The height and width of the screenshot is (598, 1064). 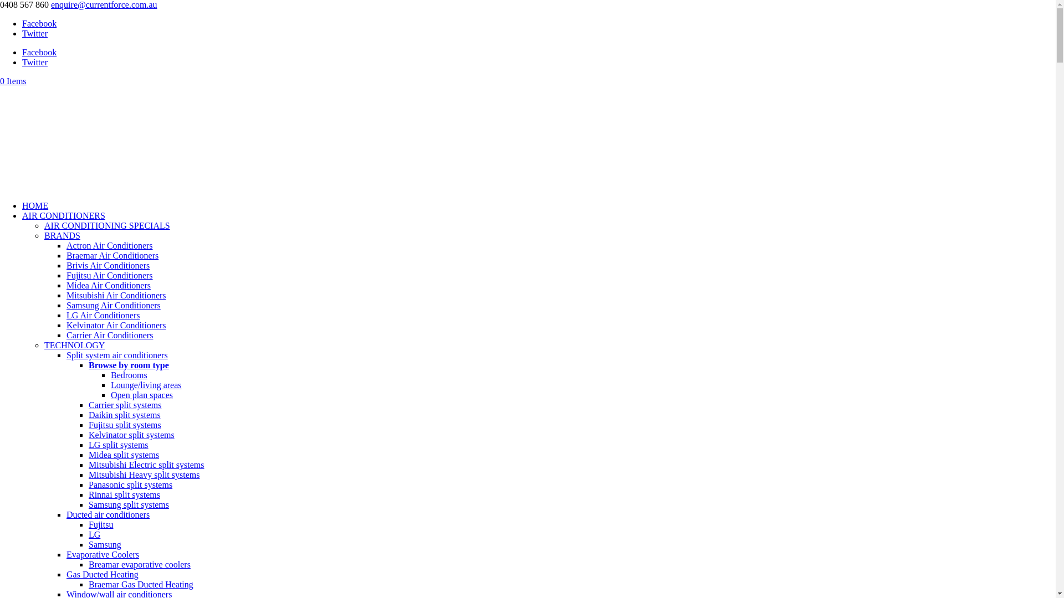 What do you see at coordinates (88, 484) in the screenshot?
I see `'Panasonic split systems'` at bounding box center [88, 484].